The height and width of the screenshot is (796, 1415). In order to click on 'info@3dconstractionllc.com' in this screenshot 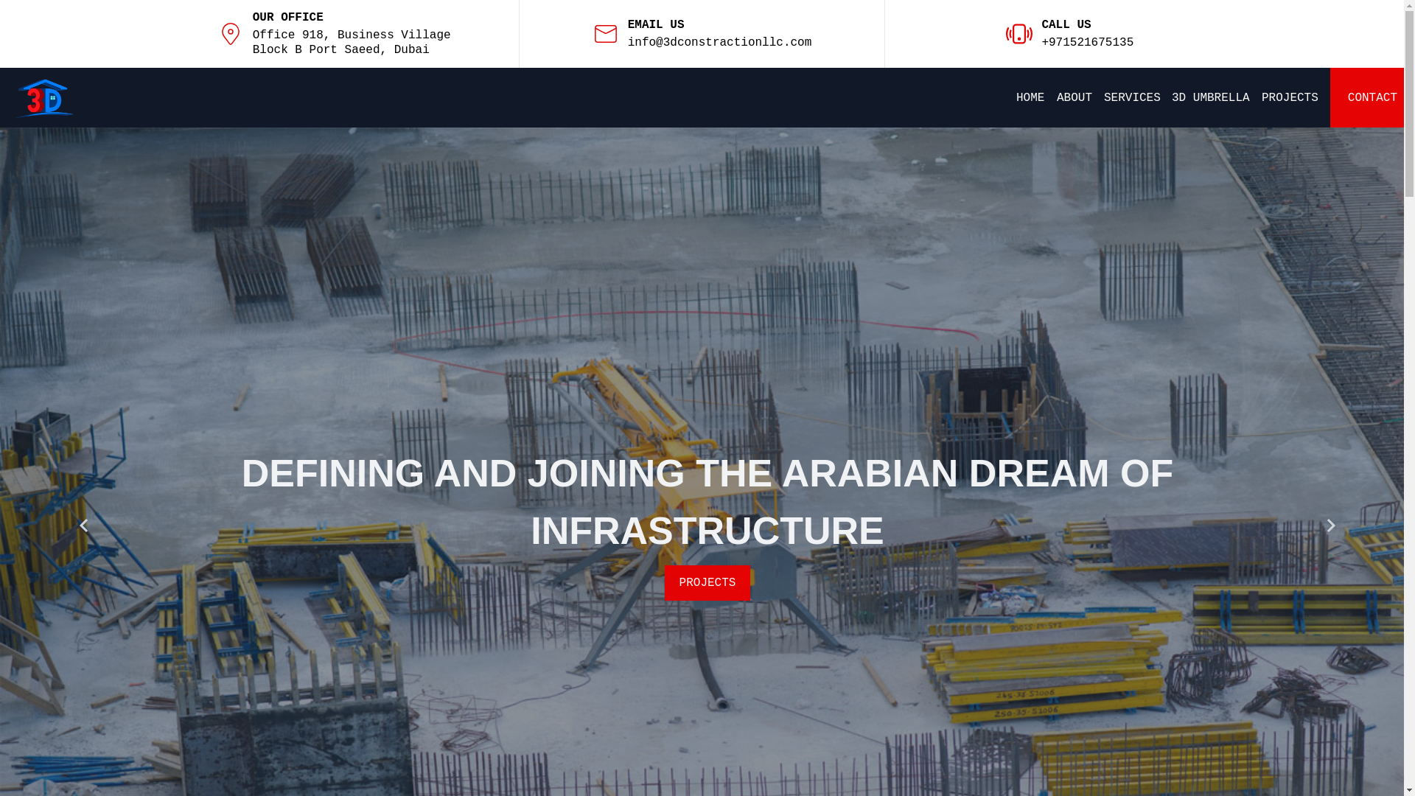, I will do `click(627, 41)`.